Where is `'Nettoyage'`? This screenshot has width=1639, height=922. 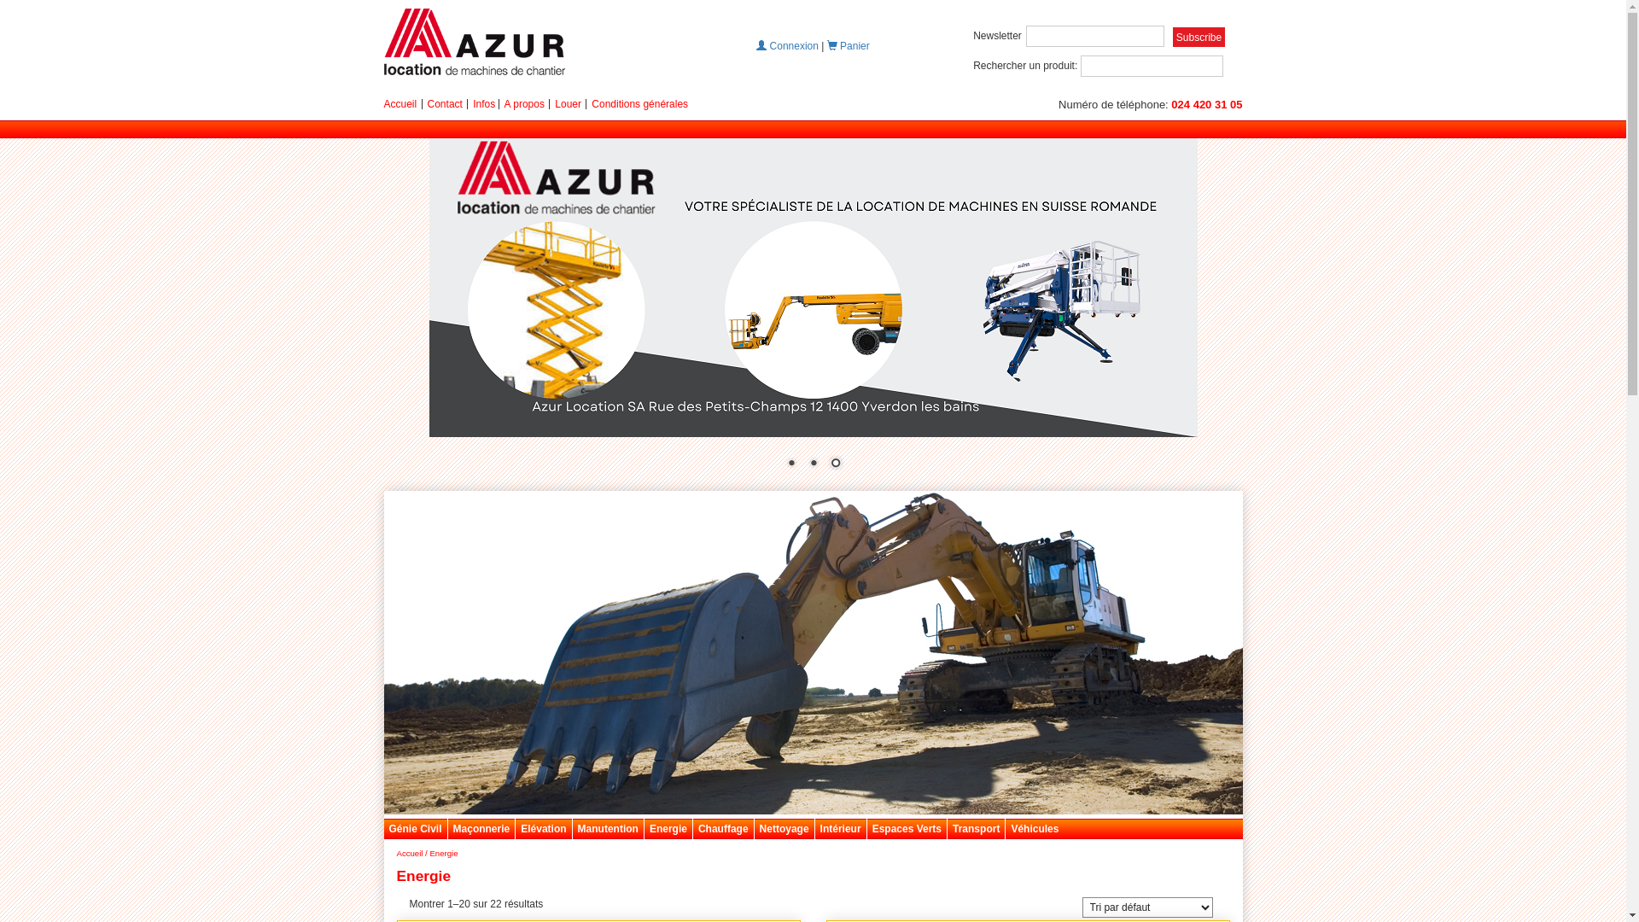
'Nettoyage' is located at coordinates (783, 829).